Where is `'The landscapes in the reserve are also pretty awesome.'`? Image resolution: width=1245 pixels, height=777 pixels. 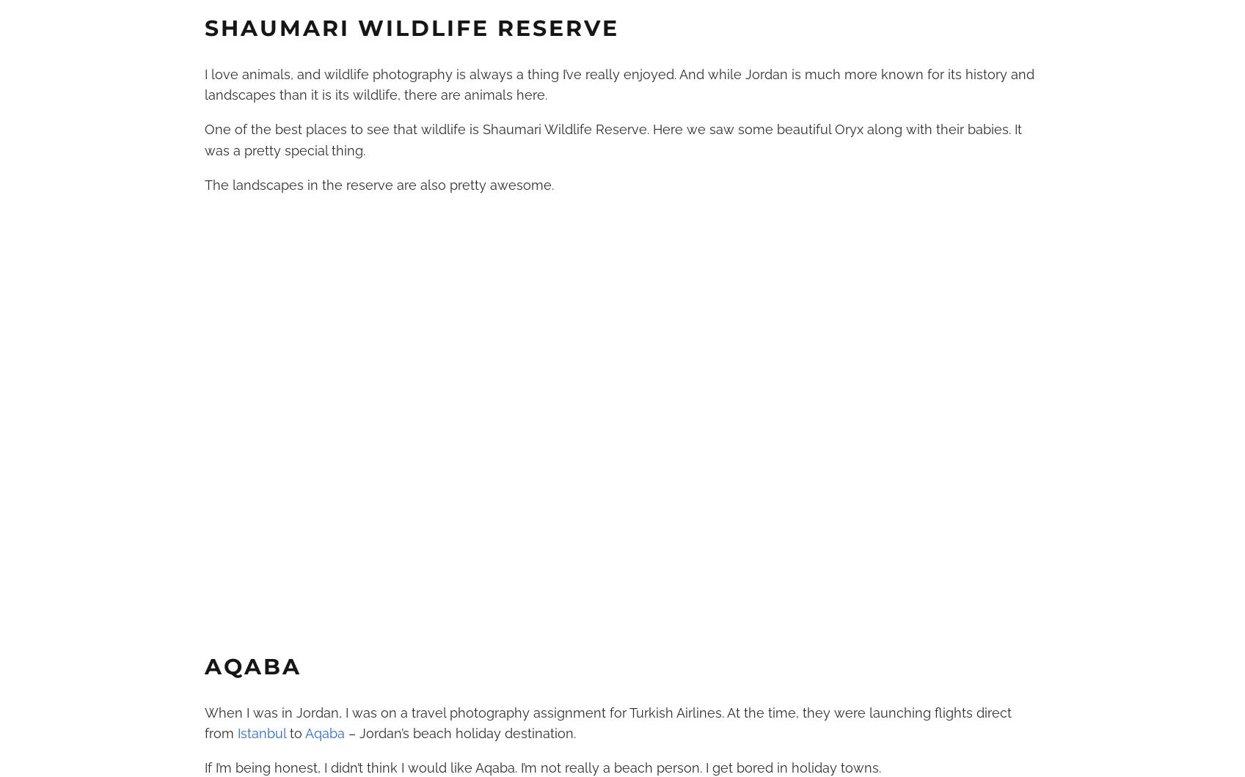 'The landscapes in the reserve are also pretty awesome.' is located at coordinates (379, 183).